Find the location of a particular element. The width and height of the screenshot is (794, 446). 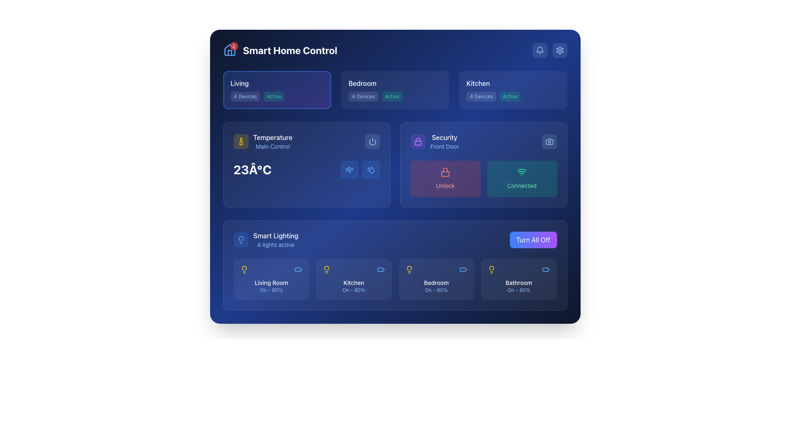

the camera icon located in the top-right corner of the 'Security' card, which represents functionalities related to security camera monitoring is located at coordinates (549, 141).